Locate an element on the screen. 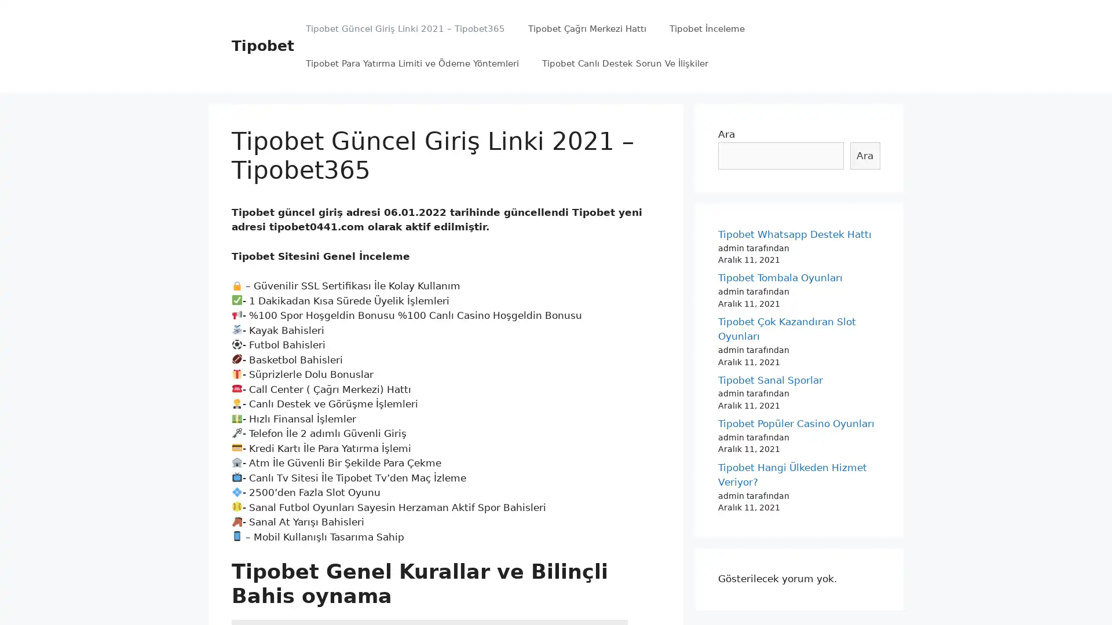 The image size is (1112, 625). Ara is located at coordinates (865, 155).